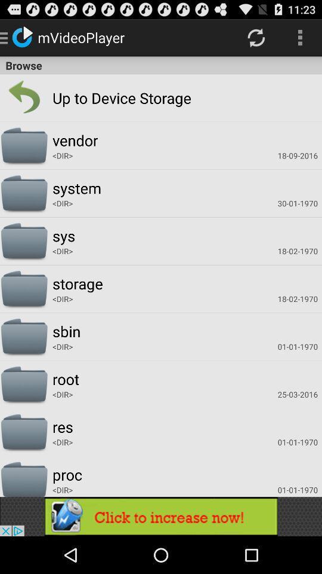  Describe the element at coordinates (97, 97) in the screenshot. I see `up to storage app` at that location.